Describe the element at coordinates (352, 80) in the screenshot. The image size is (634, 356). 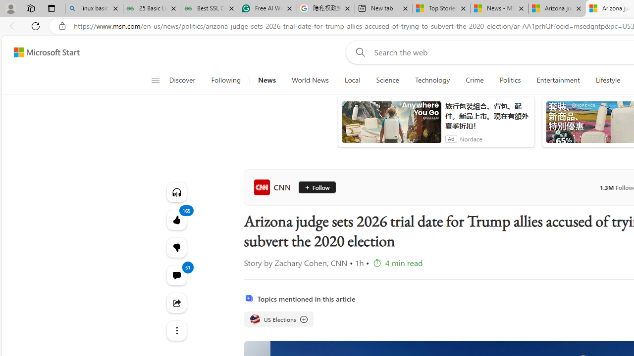
I see `'Local'` at that location.